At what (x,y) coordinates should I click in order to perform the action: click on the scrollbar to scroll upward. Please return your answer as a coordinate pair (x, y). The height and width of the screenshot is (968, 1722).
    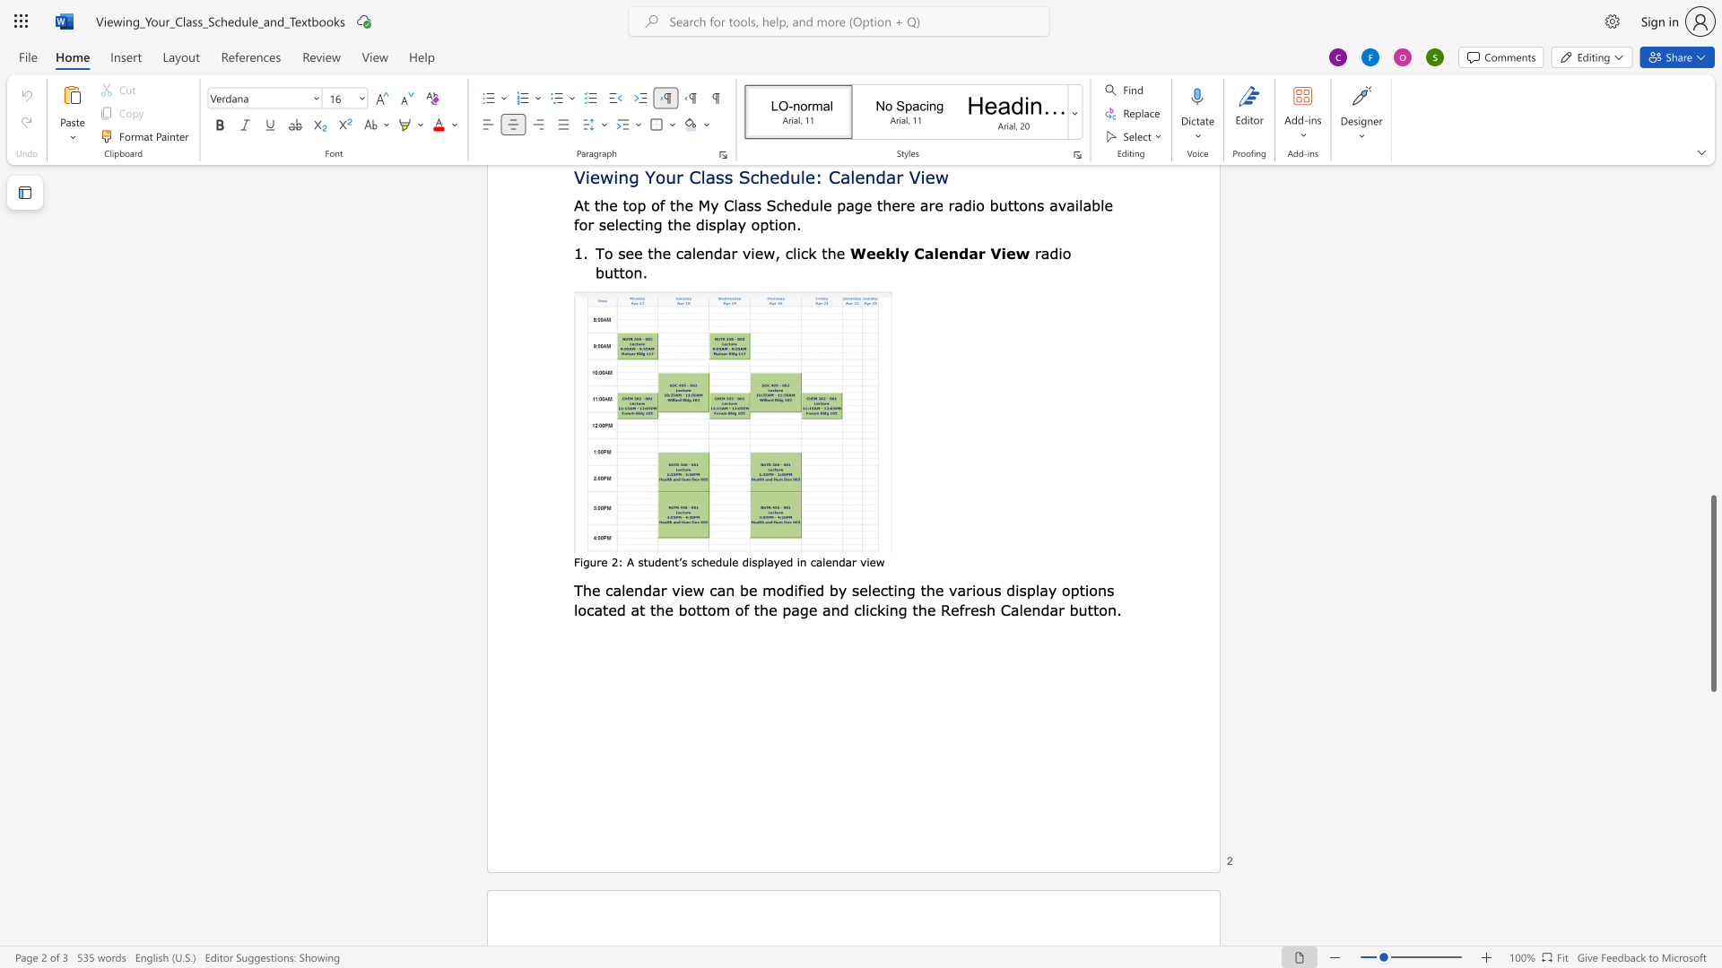
    Looking at the image, I should click on (1712, 341).